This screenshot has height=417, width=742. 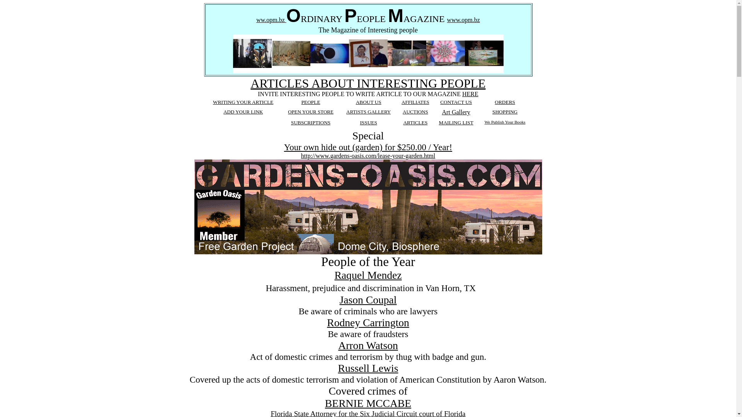 I want to click on 'ww.opm.bz', so click(x=271, y=19).